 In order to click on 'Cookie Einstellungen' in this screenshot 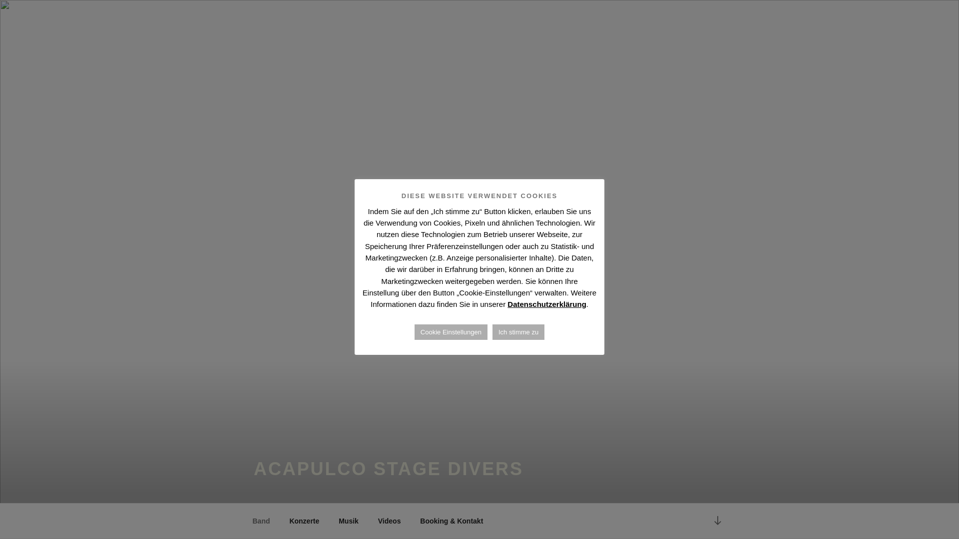, I will do `click(450, 332)`.